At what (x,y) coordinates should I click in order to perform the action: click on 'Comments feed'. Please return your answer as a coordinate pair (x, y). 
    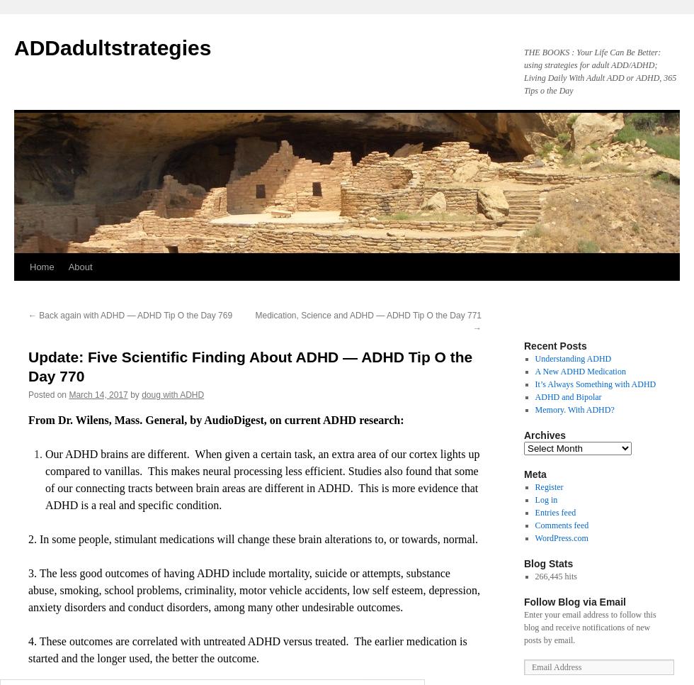
    Looking at the image, I should click on (562, 525).